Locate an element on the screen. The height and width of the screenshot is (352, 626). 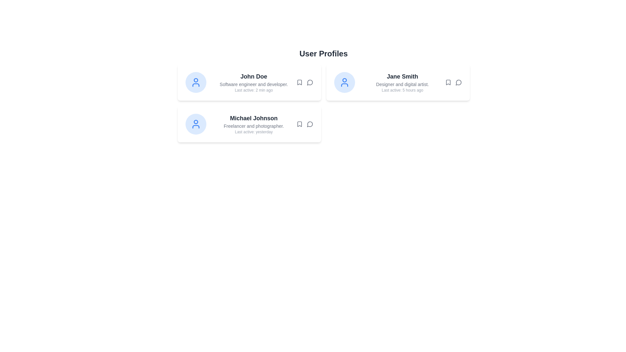
the bookmark icon located in the card representing 'Michael Johnson', which is styled as a minimalist bookmark shape and positioned at the top-right corner of the card in the 'User Profiles' section is located at coordinates (299, 124).